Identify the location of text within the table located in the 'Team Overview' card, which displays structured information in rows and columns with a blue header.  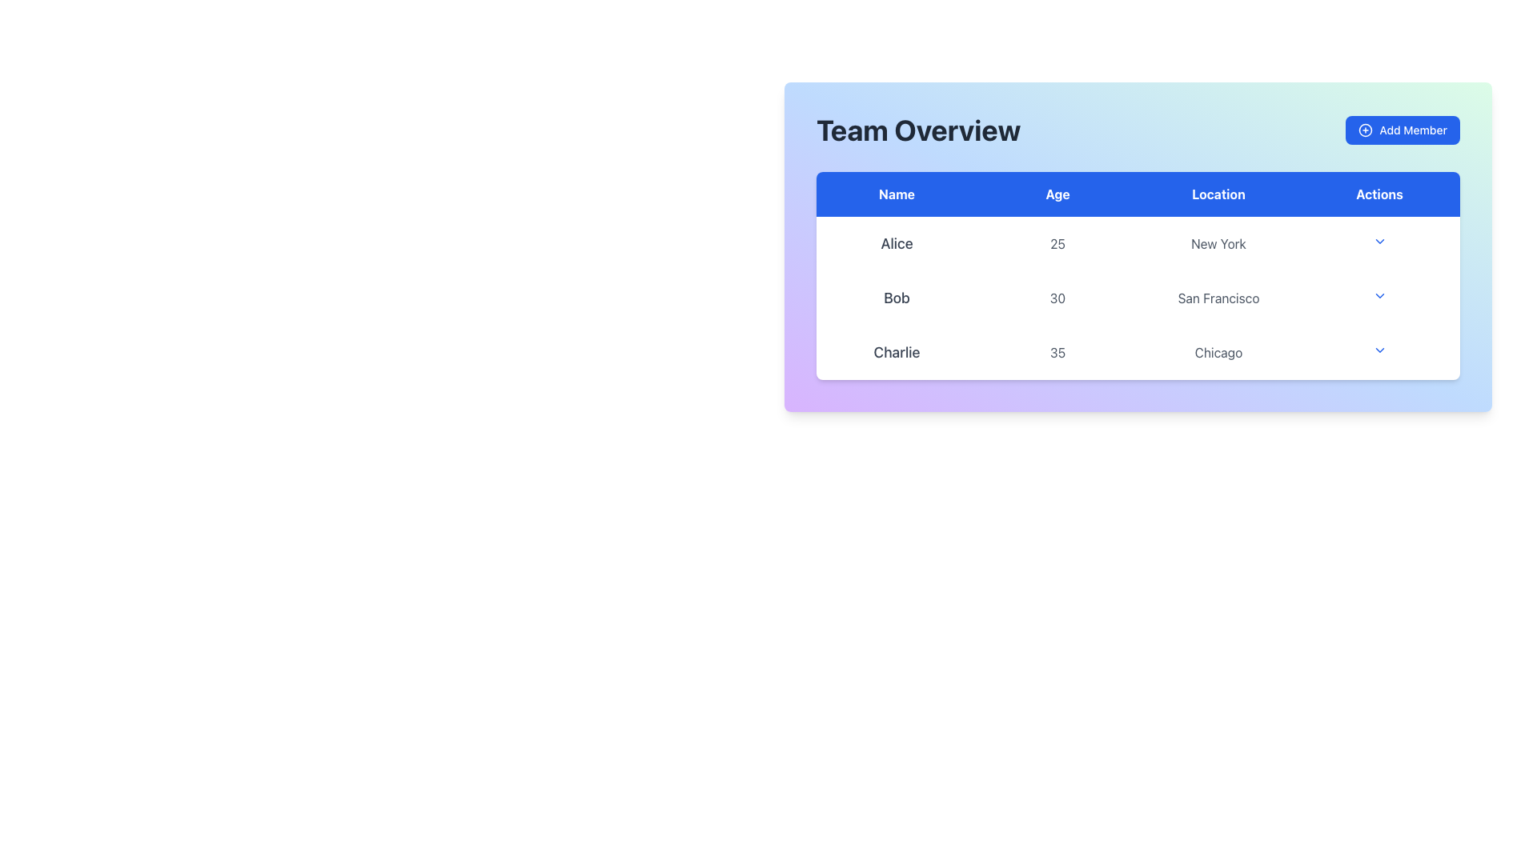
(1137, 274).